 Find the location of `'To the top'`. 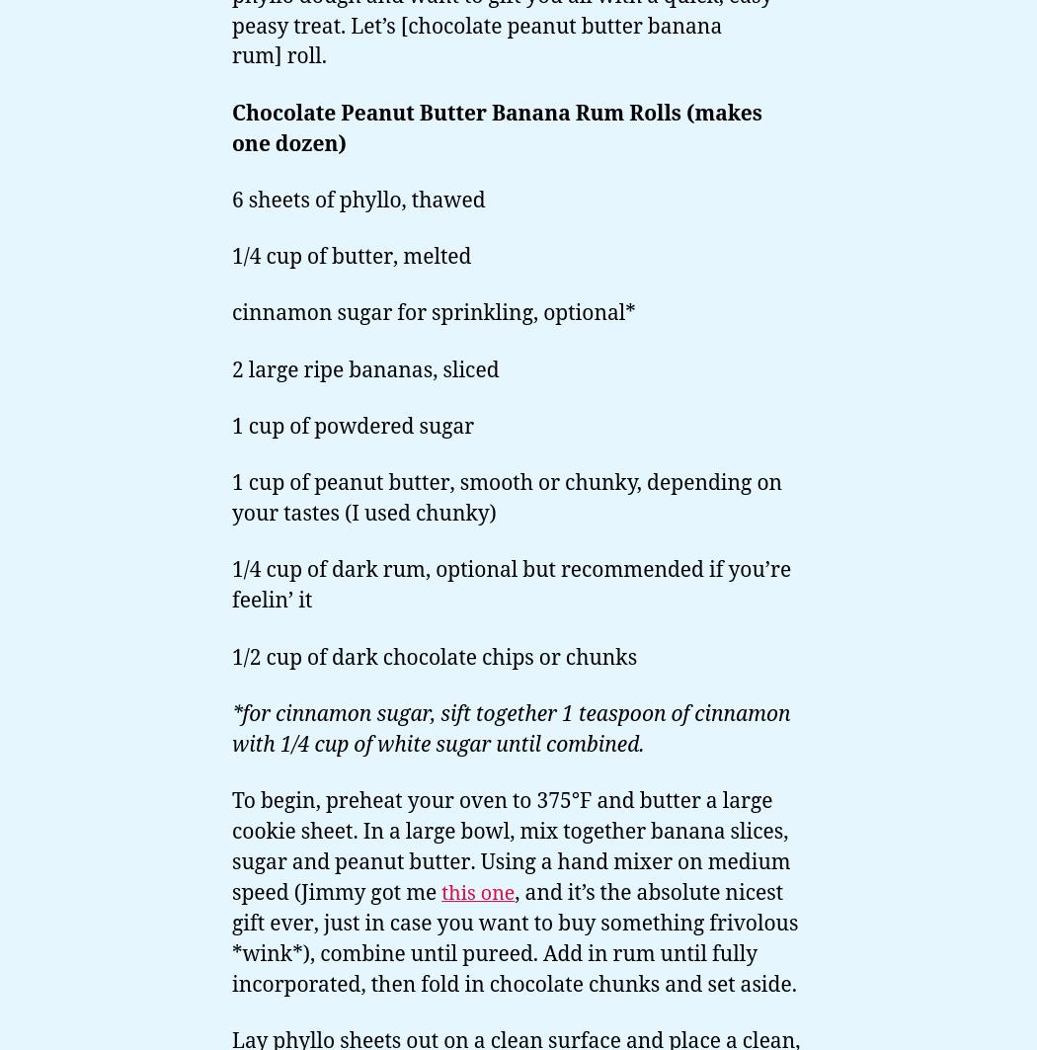

'To the top' is located at coordinates (935, 840).